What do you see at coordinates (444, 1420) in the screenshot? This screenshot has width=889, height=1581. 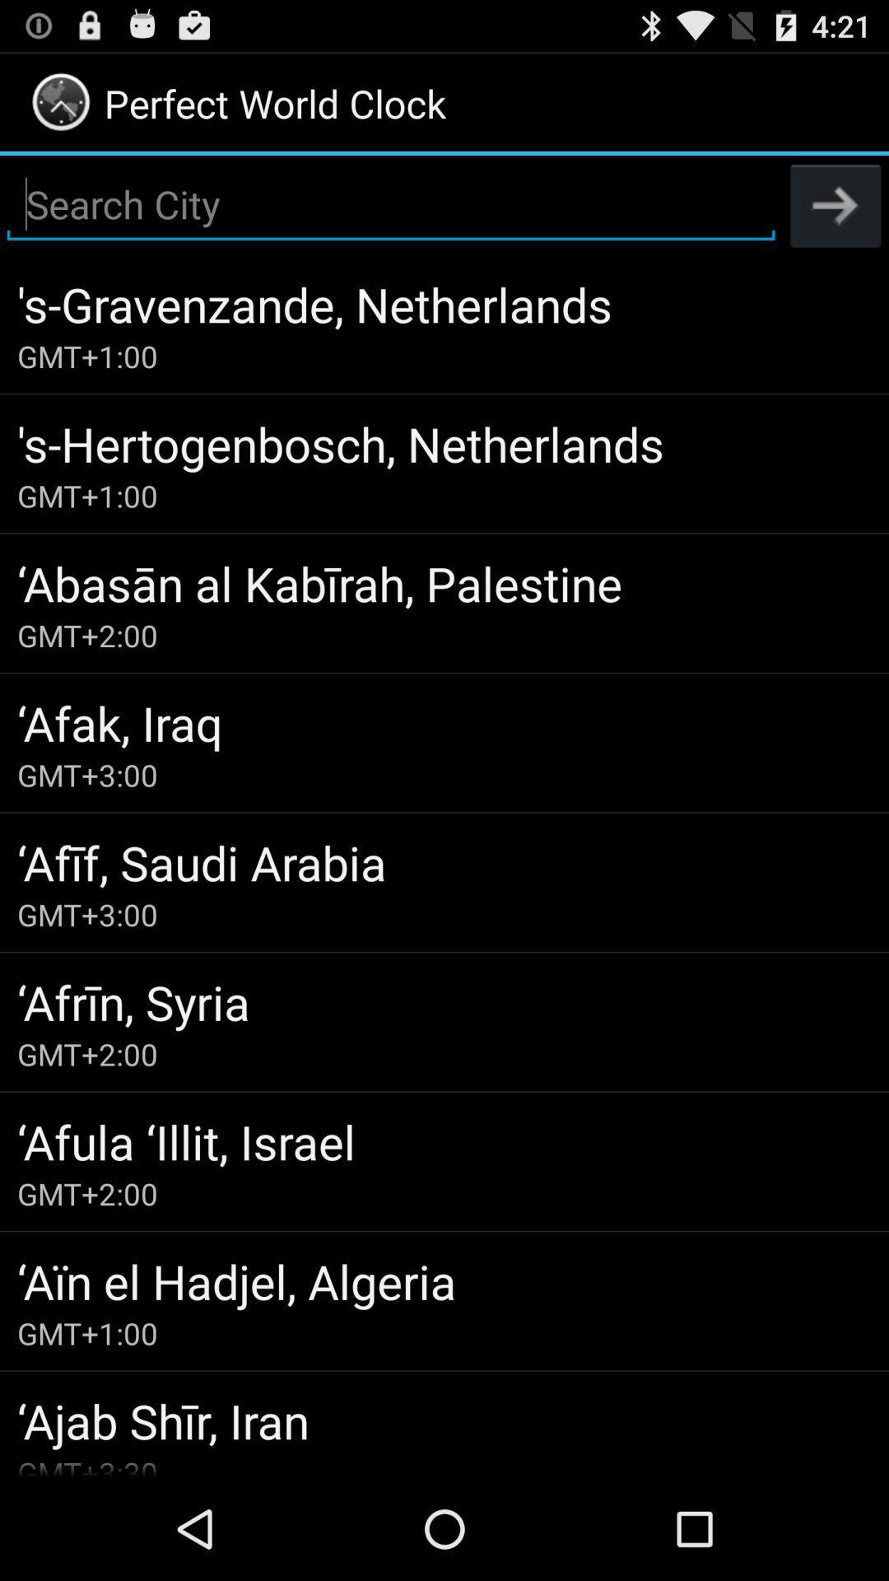 I see `item above the gmt+3:30 item` at bounding box center [444, 1420].